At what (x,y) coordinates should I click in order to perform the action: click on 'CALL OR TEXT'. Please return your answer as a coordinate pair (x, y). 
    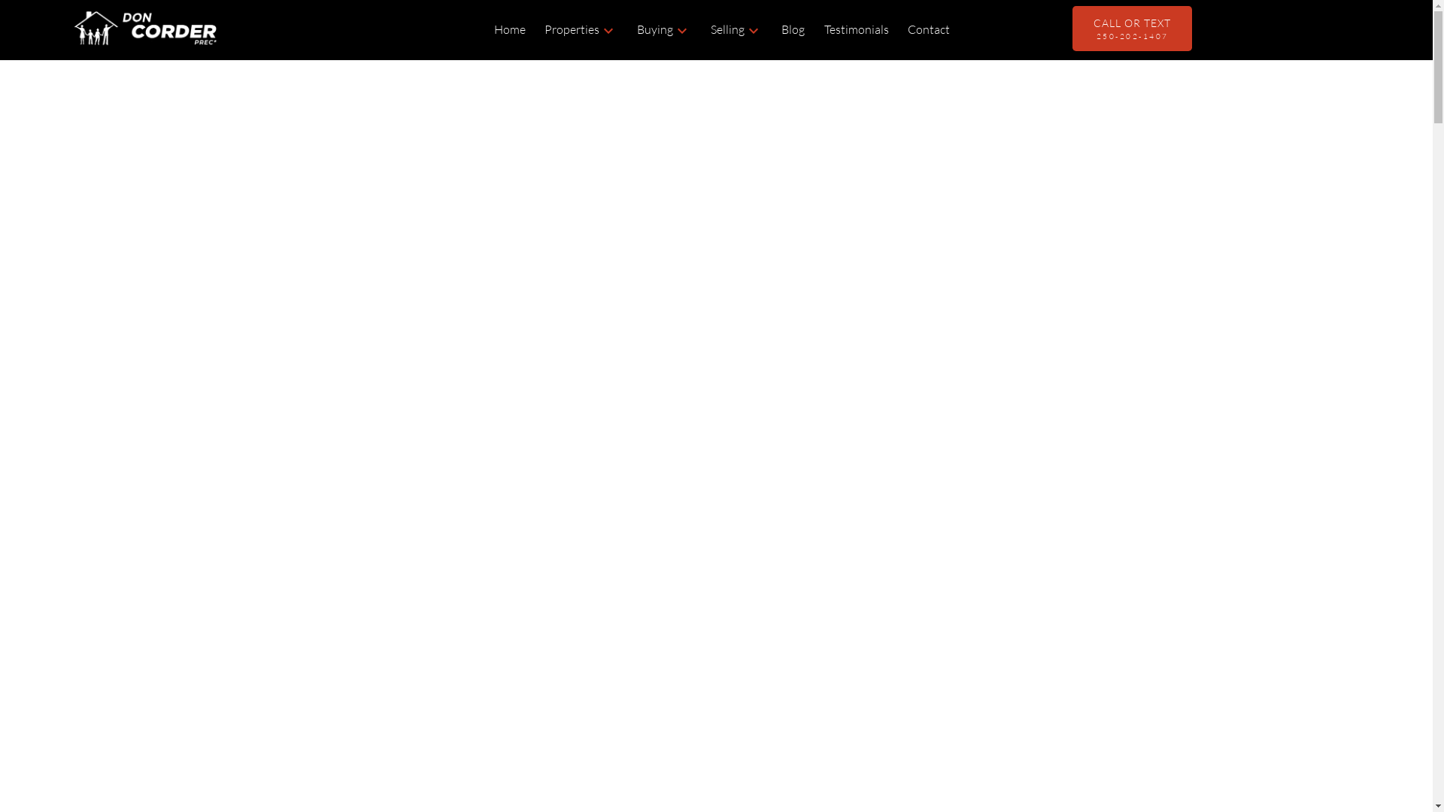
    Looking at the image, I should click on (1132, 29).